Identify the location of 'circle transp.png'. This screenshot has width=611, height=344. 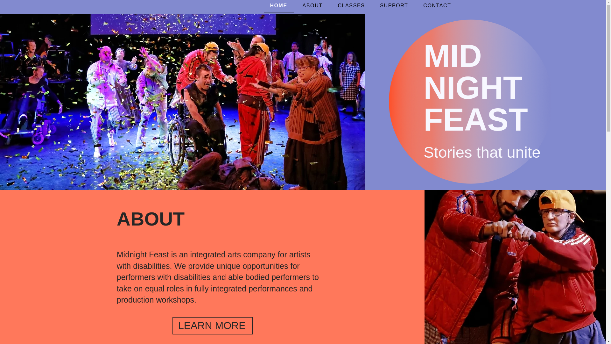
(471, 101).